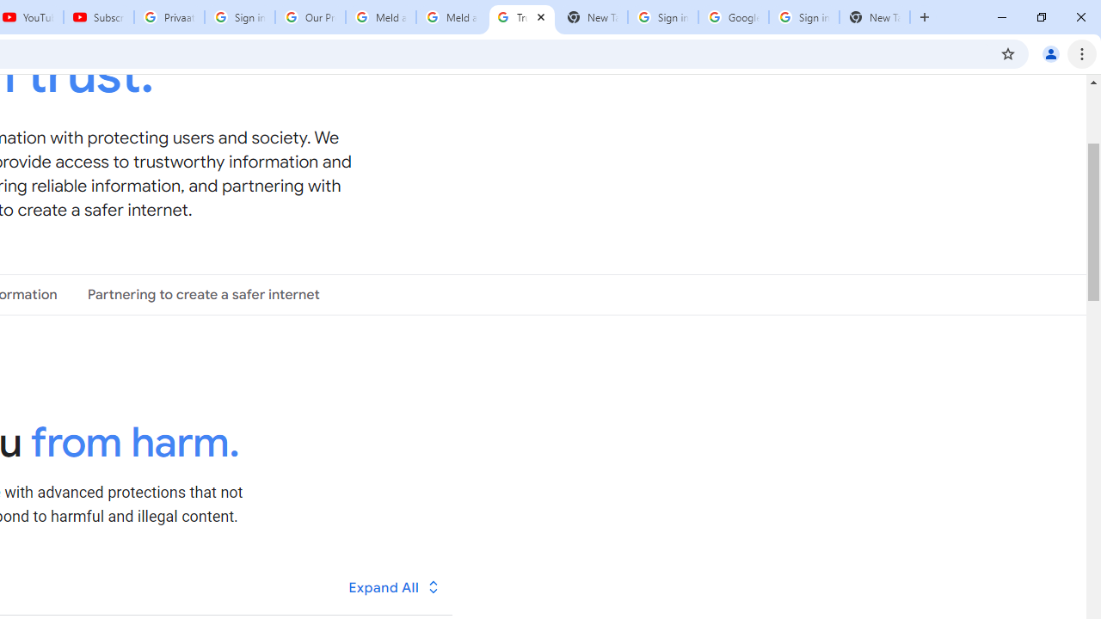 The height and width of the screenshot is (619, 1101). I want to click on 'Subscriptions - YouTube', so click(98, 17).